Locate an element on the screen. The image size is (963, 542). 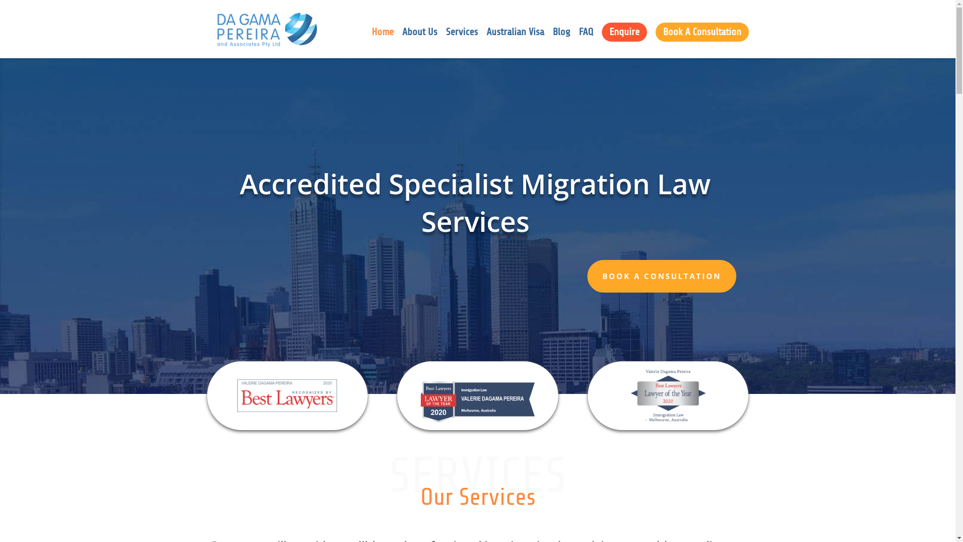
'Services' is located at coordinates (461, 43).